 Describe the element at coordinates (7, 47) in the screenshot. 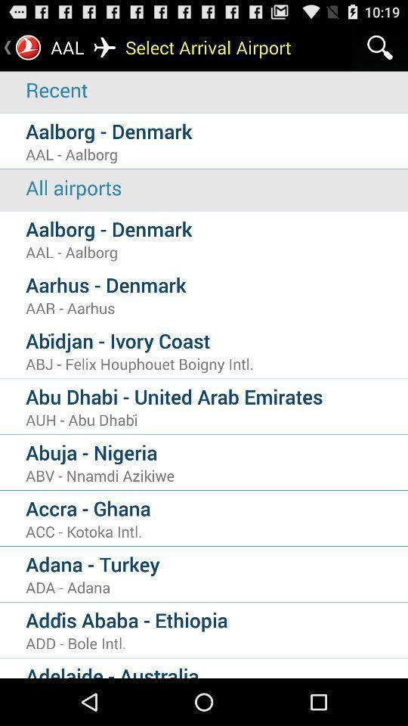

I see `go back` at that location.